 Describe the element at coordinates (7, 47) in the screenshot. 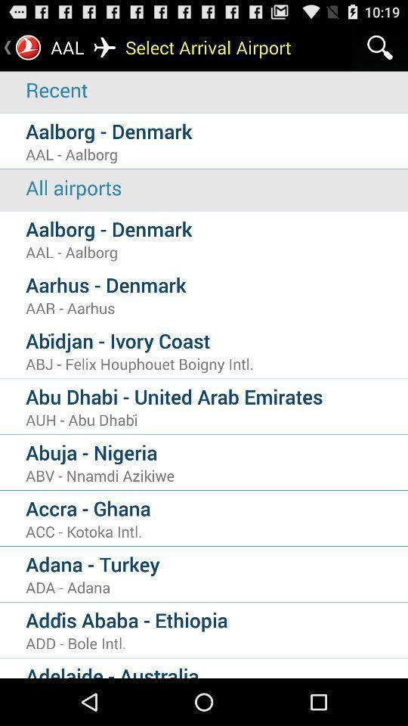

I see `go back` at that location.